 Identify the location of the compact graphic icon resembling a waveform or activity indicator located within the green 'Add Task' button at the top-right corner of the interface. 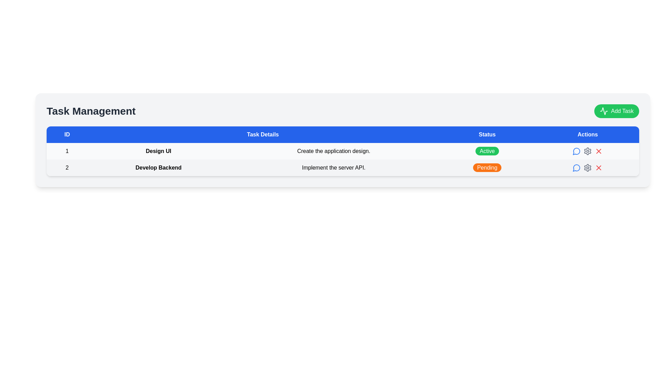
(604, 111).